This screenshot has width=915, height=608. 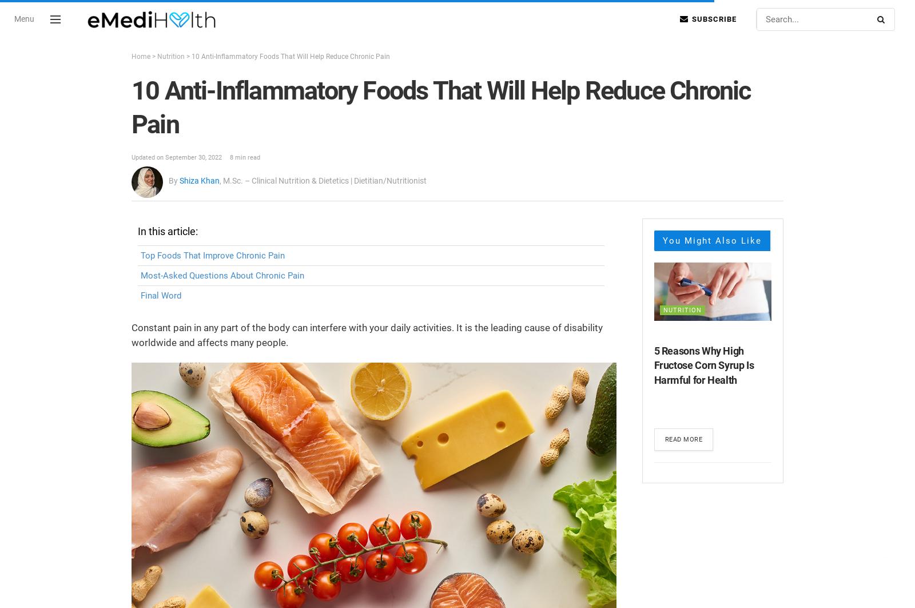 I want to click on 'M.Sc. – Clinical Nutrition & Dietetics', so click(x=285, y=181).